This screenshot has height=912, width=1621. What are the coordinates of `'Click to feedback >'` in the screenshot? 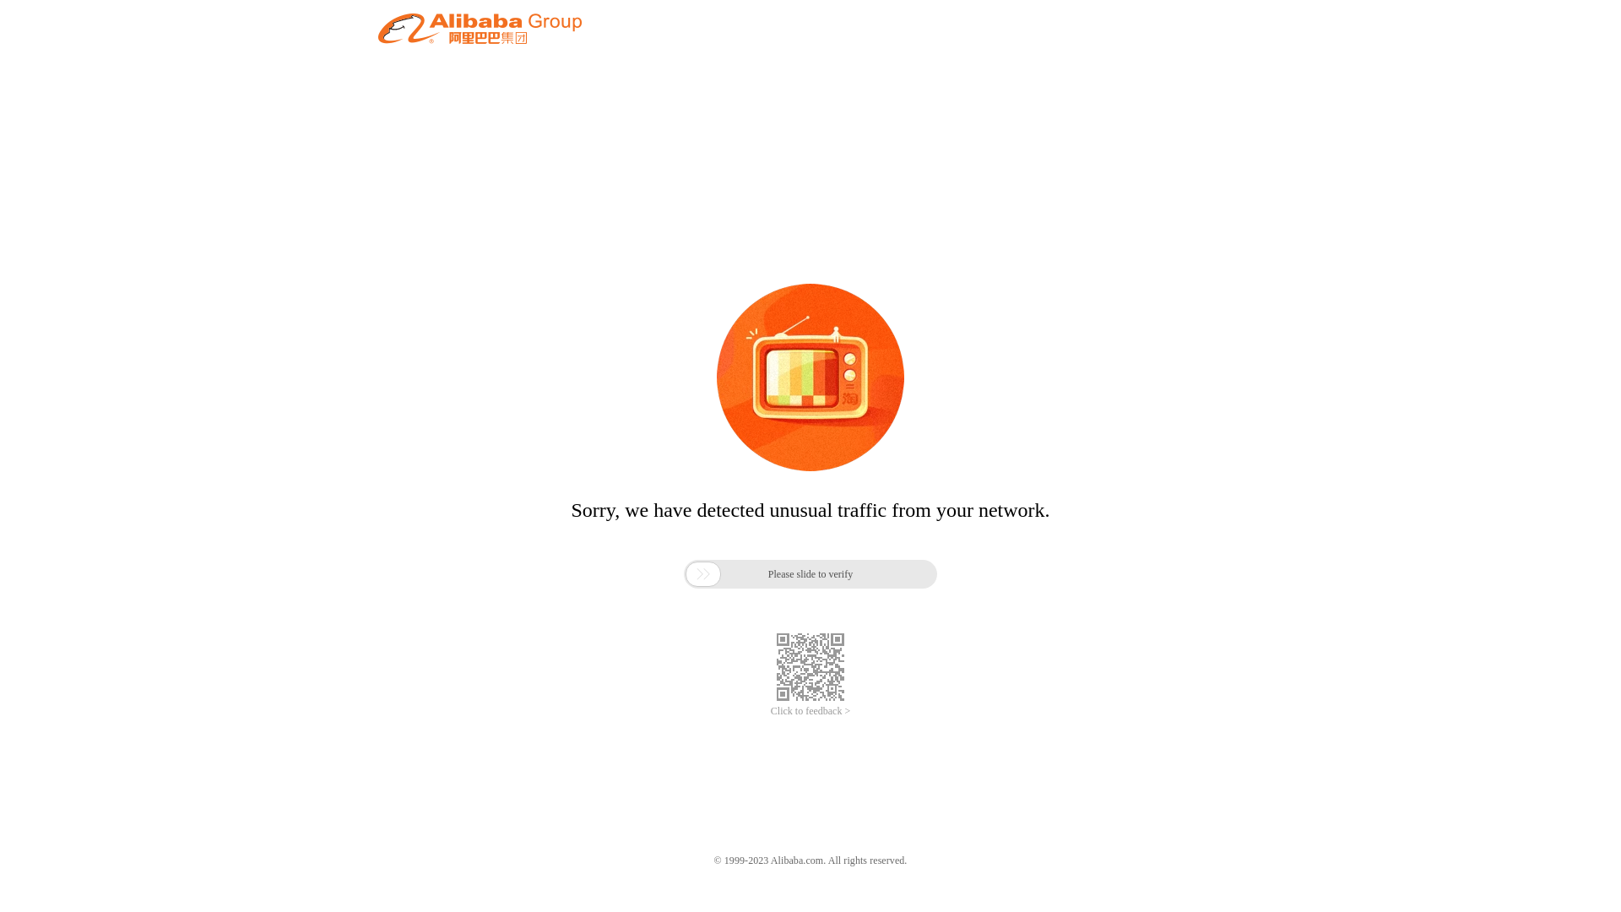 It's located at (810, 711).